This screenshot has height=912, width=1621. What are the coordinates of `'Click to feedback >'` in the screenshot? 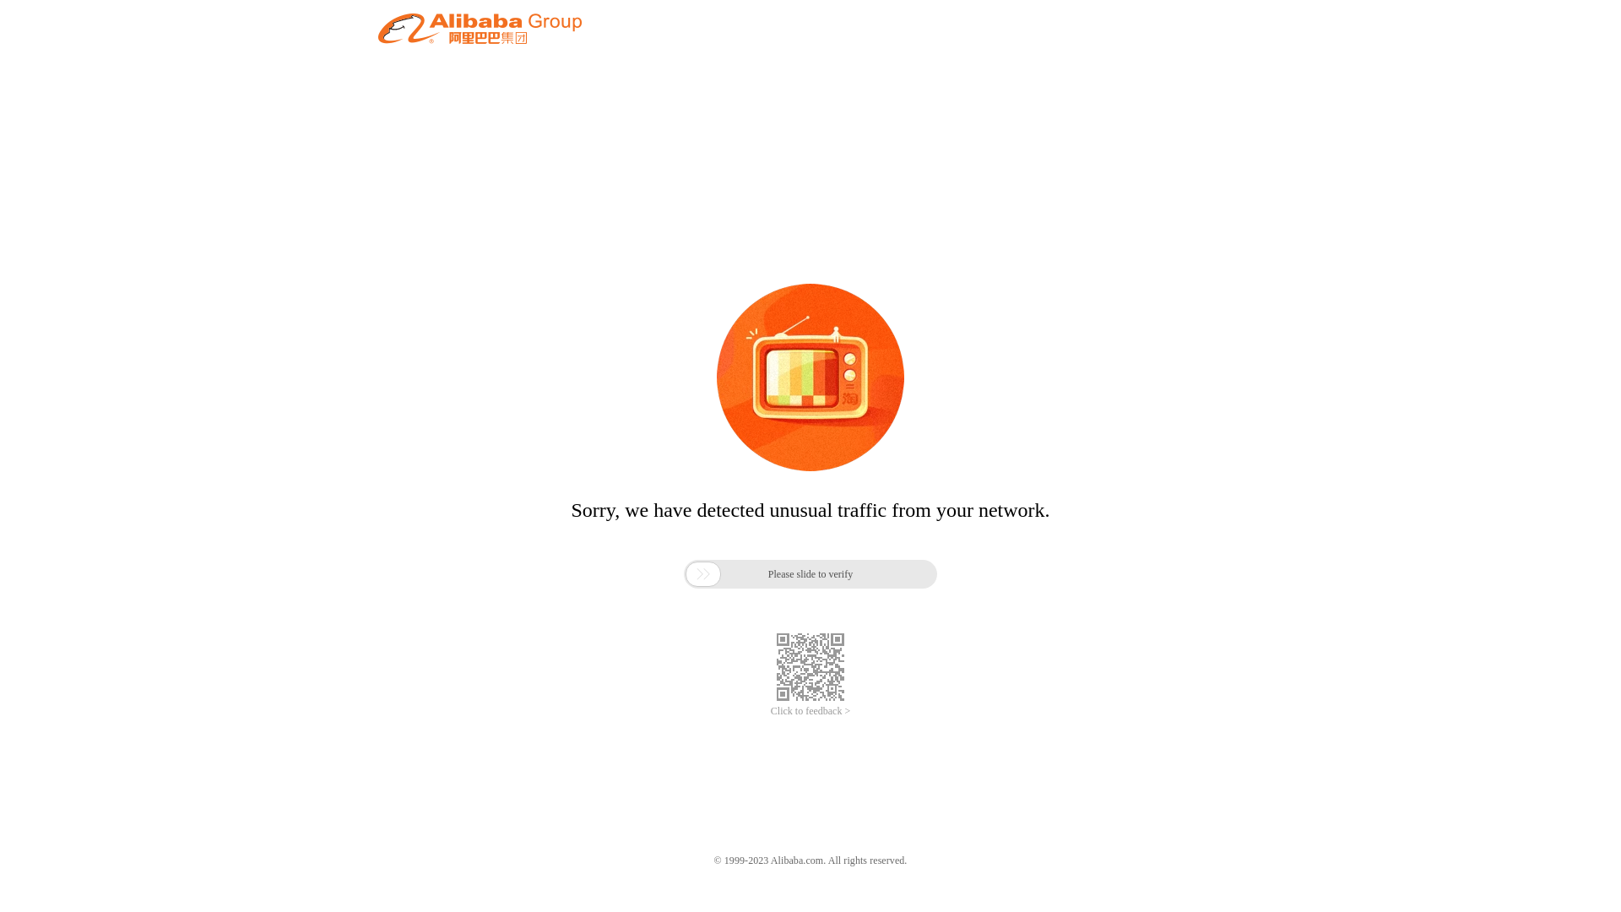 It's located at (810, 711).